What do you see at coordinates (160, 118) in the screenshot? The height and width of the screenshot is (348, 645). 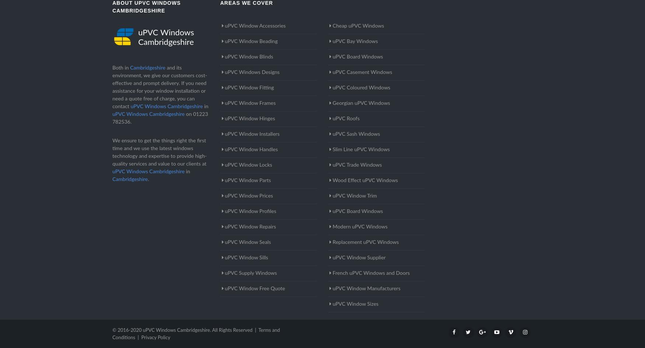 I see `'01223 782536'` at bounding box center [160, 118].